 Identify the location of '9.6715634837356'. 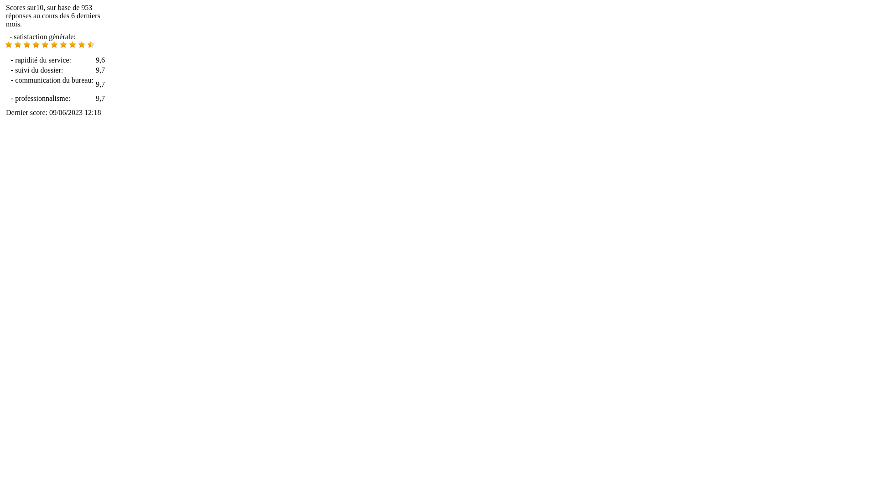
(36, 44).